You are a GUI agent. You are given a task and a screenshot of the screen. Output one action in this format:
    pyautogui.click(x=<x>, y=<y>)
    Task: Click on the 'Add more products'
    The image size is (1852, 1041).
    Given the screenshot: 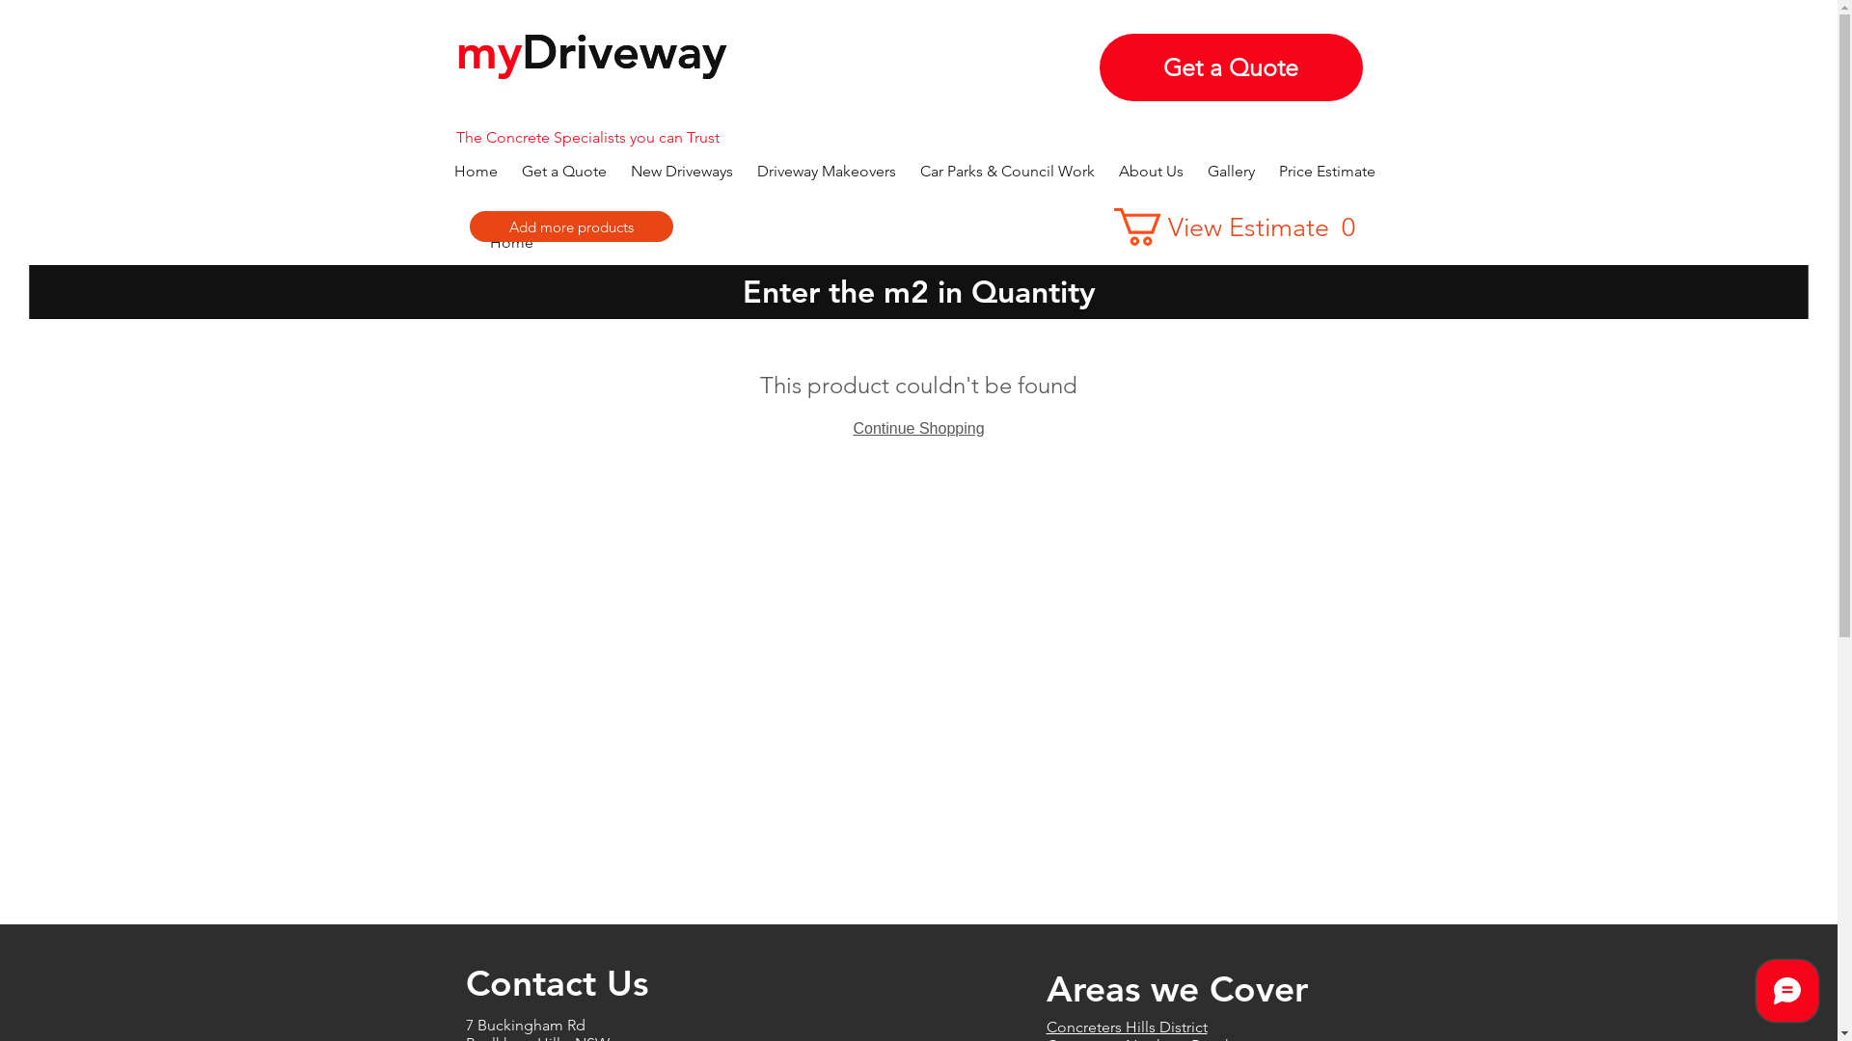 What is the action you would take?
    pyautogui.click(x=569, y=226)
    